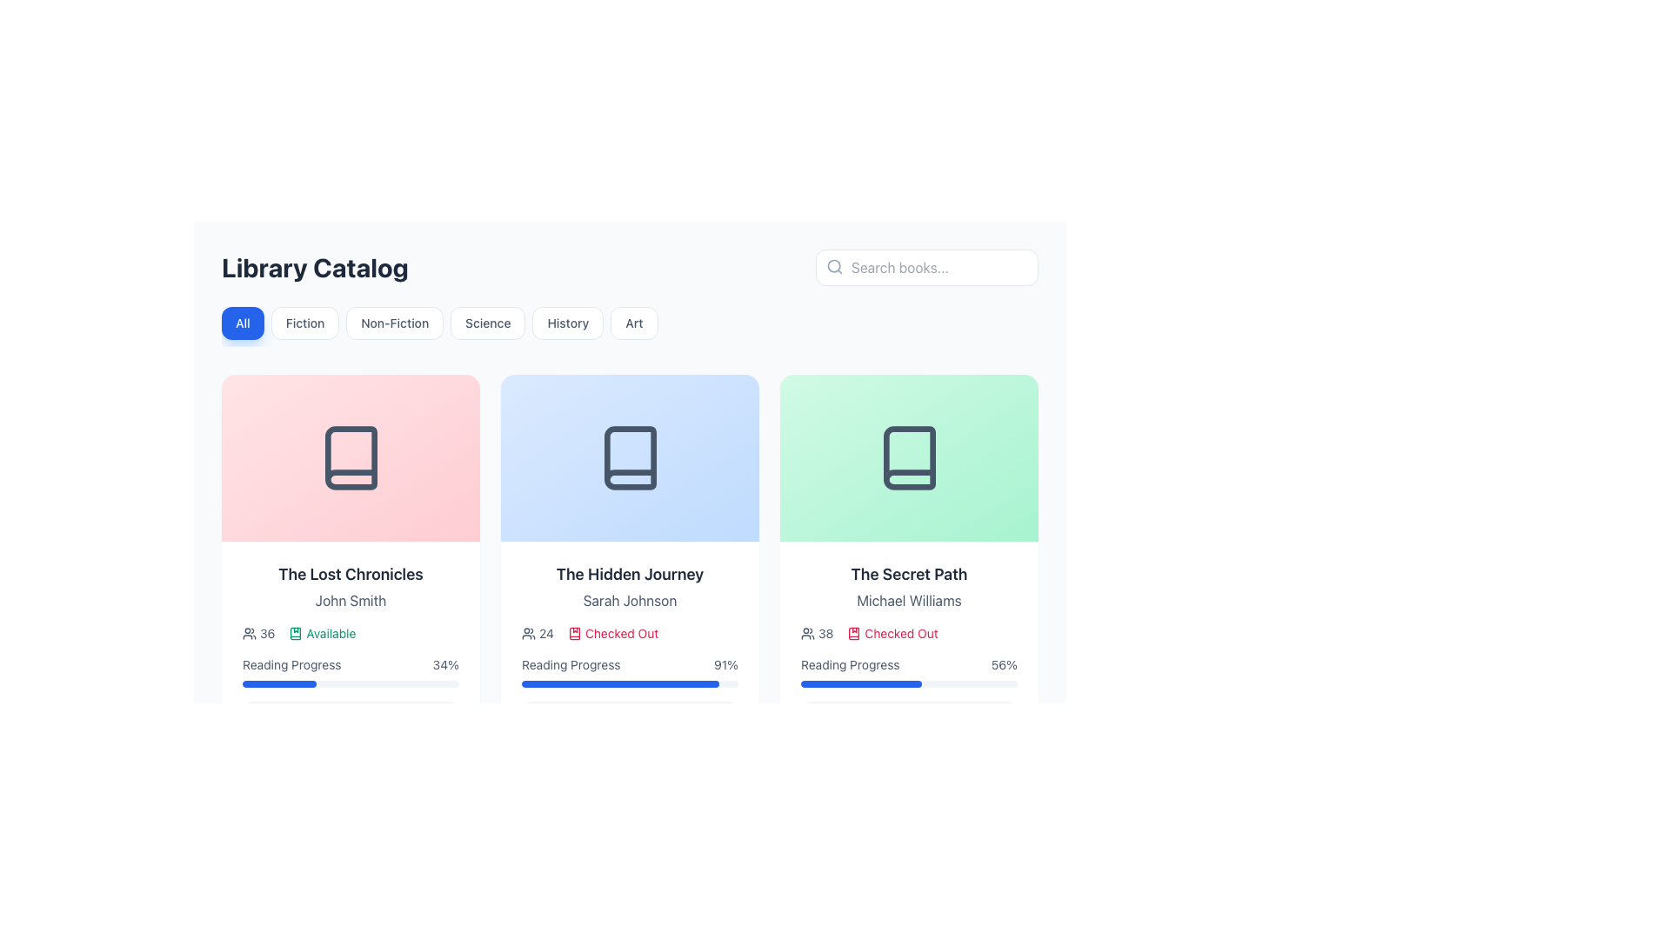 This screenshot has width=1670, height=939. What do you see at coordinates (629, 574) in the screenshot?
I see `the text 'The Hidden Journey' displayed in a bold, large-sized font` at bounding box center [629, 574].